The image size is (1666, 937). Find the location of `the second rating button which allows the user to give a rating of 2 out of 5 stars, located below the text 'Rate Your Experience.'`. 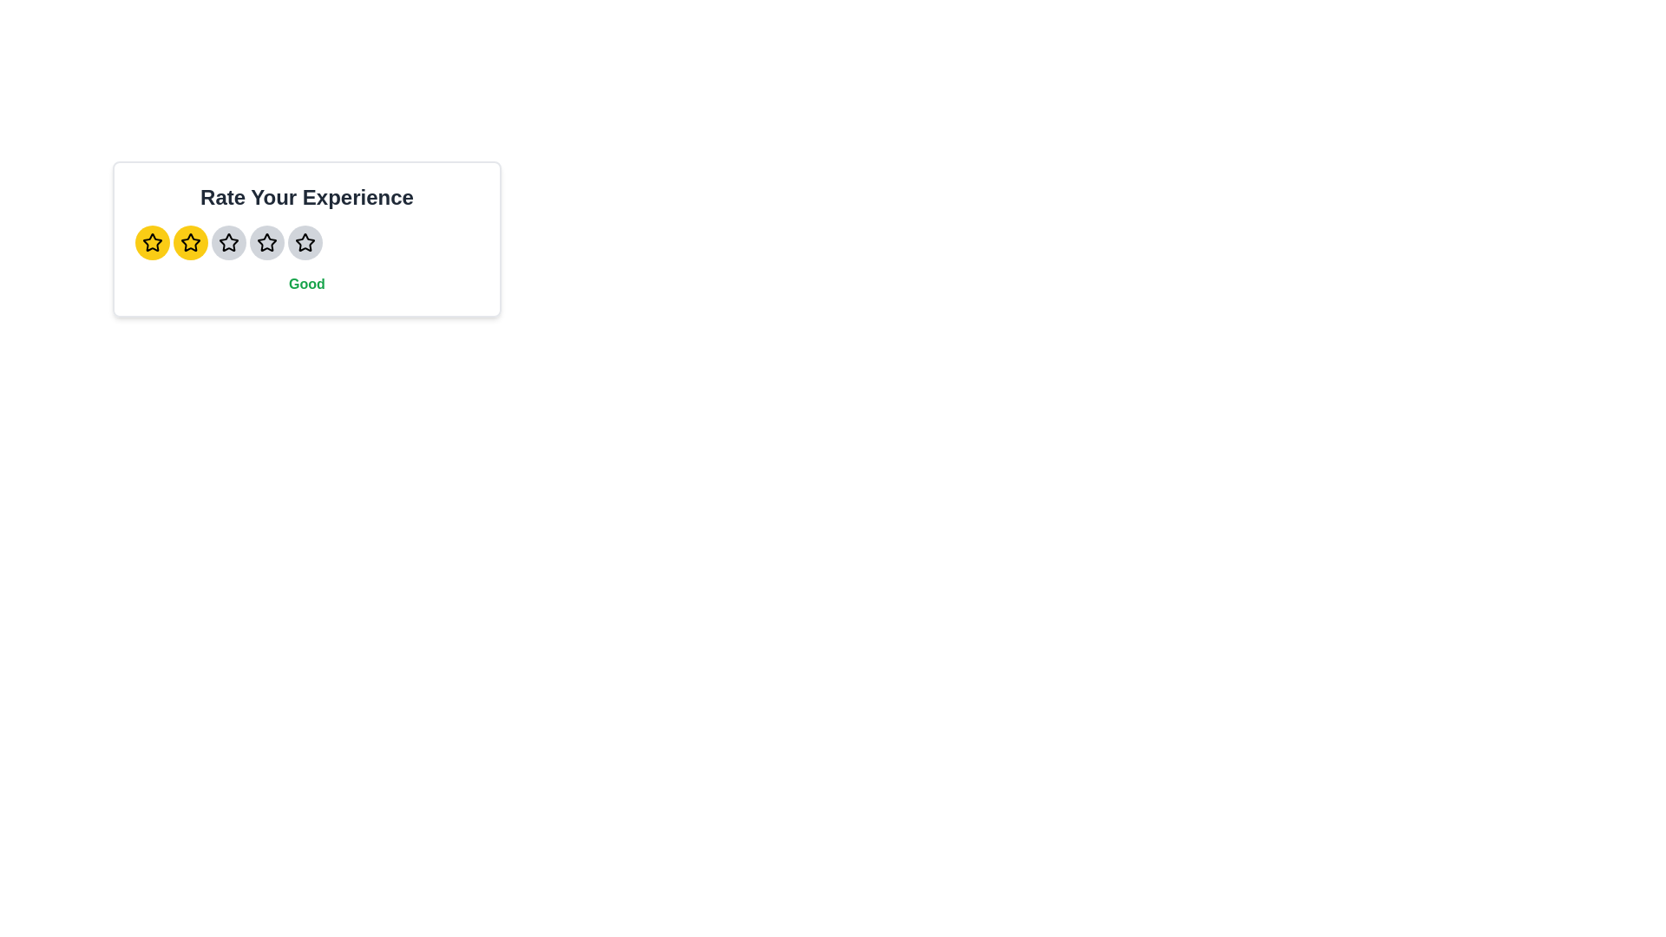

the second rating button which allows the user to give a rating of 2 out of 5 stars, located below the text 'Rate Your Experience.' is located at coordinates (191, 243).